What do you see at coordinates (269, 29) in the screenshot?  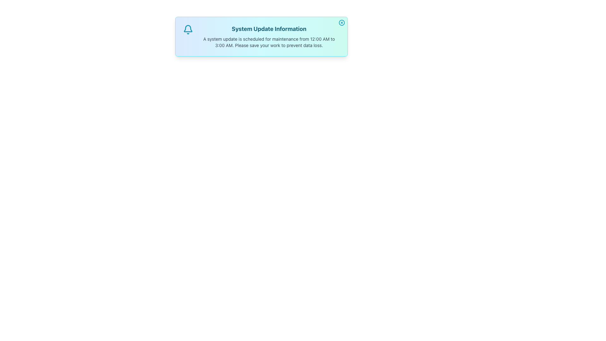 I see `the text label displaying 'System Update Information' in bold, large-sized cyan font, positioned at the top center of the notification box` at bounding box center [269, 29].